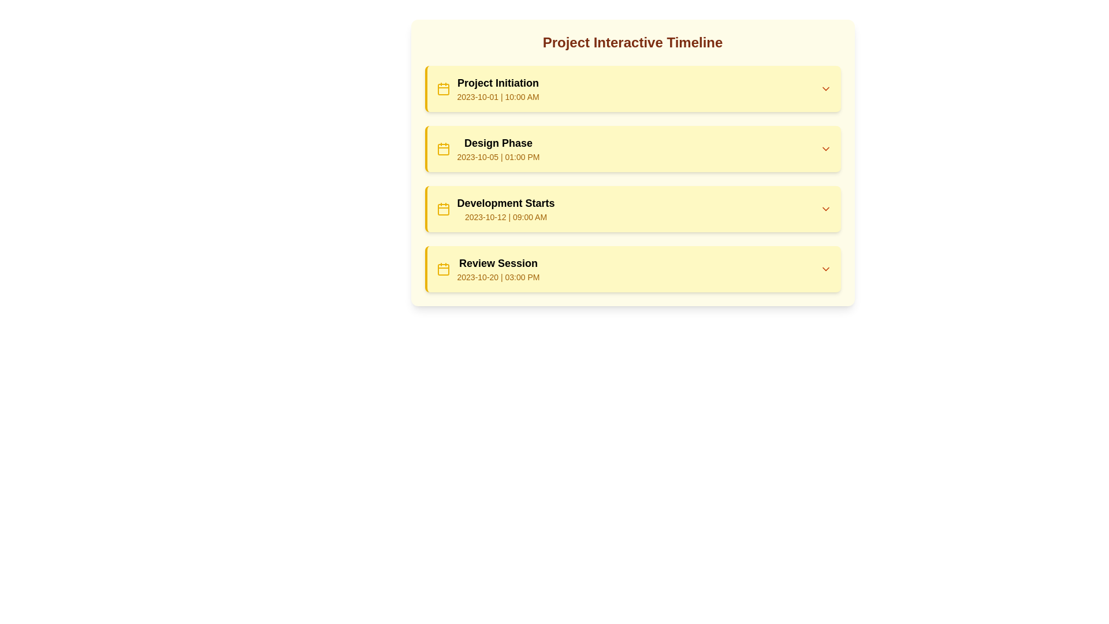 The height and width of the screenshot is (624, 1109). Describe the element at coordinates (632, 209) in the screenshot. I see `the Timeline entry labeled 'Development Starts'` at that location.